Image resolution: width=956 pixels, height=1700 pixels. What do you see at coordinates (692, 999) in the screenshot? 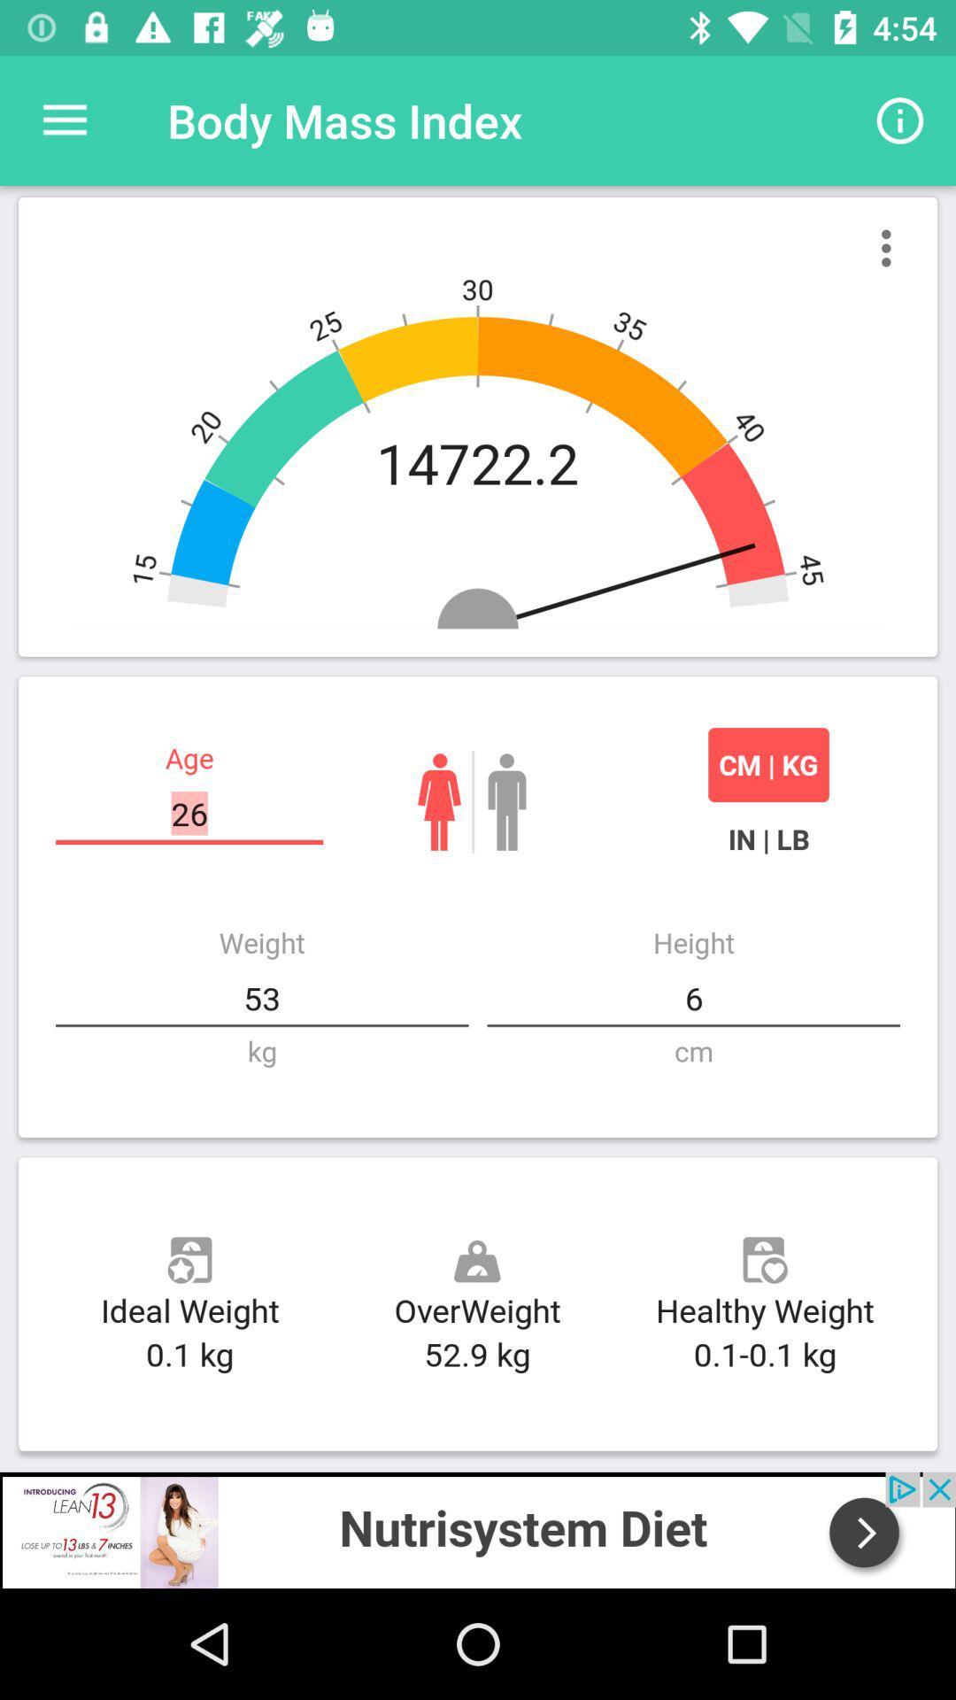
I see `the text field below heights` at bounding box center [692, 999].